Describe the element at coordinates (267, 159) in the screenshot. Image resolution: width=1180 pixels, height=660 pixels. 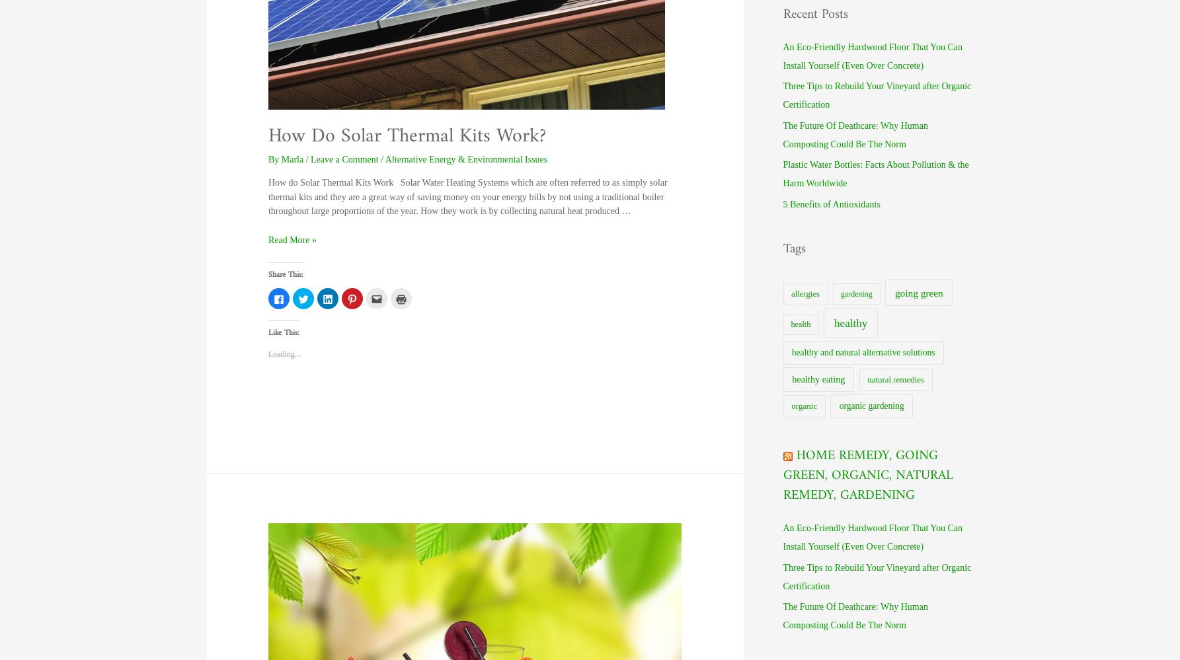
I see `'By'` at that location.